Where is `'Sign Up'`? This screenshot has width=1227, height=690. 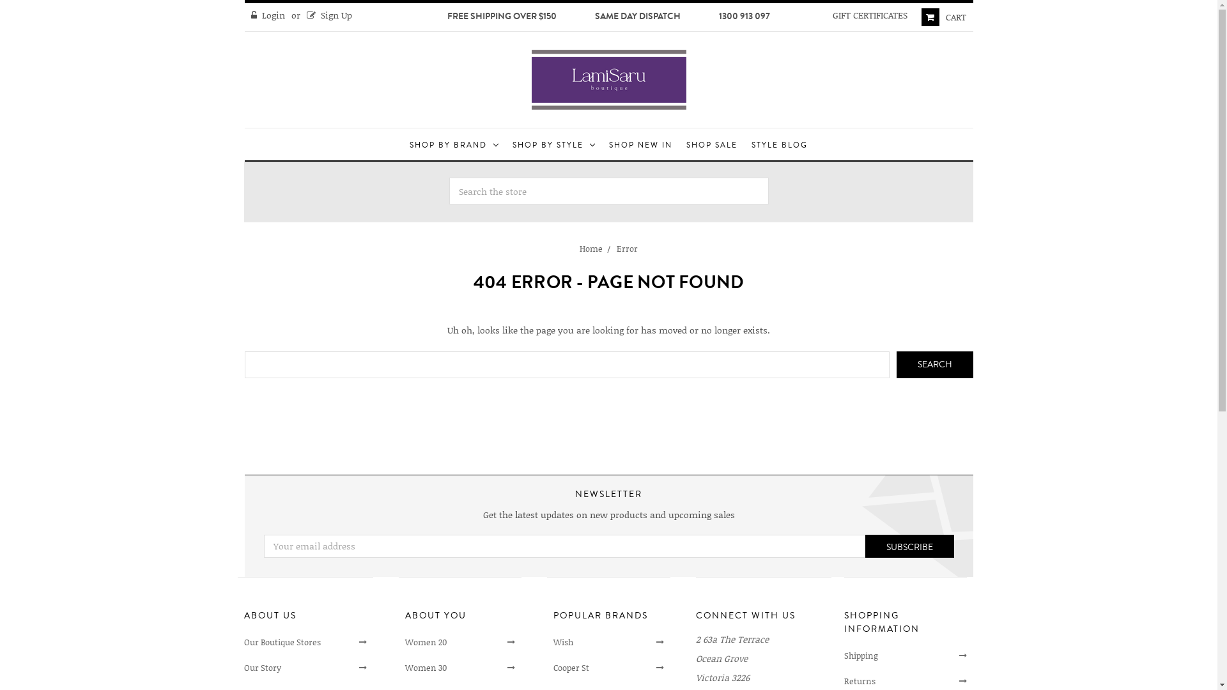 'Sign Up' is located at coordinates (330, 15).